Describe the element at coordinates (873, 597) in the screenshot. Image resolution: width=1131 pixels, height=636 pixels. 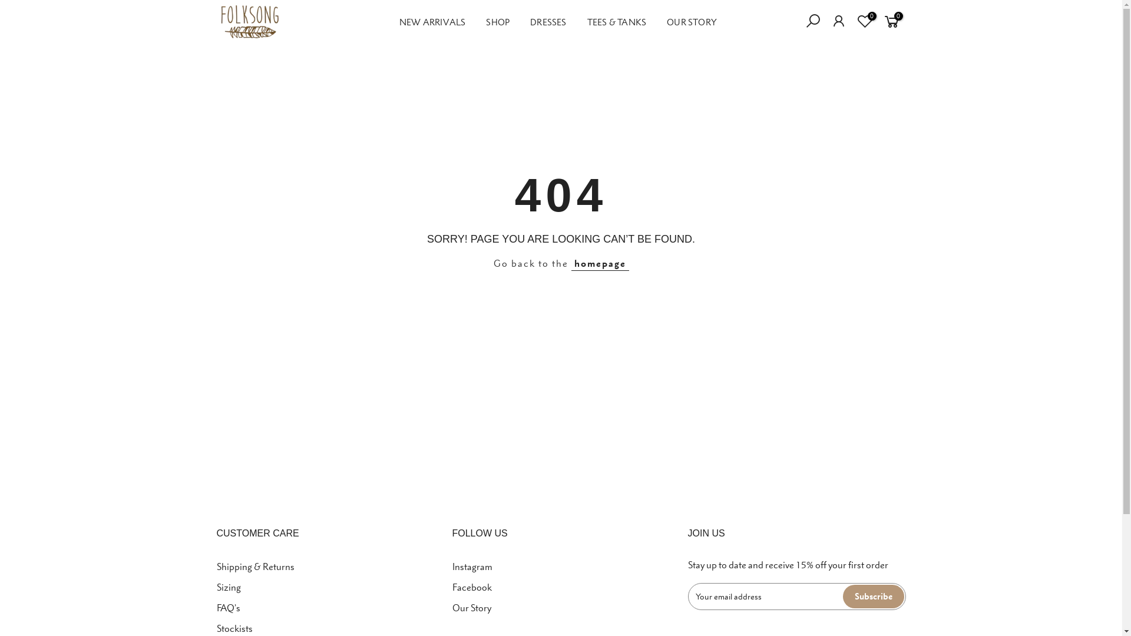
I see `'Subscribe'` at that location.